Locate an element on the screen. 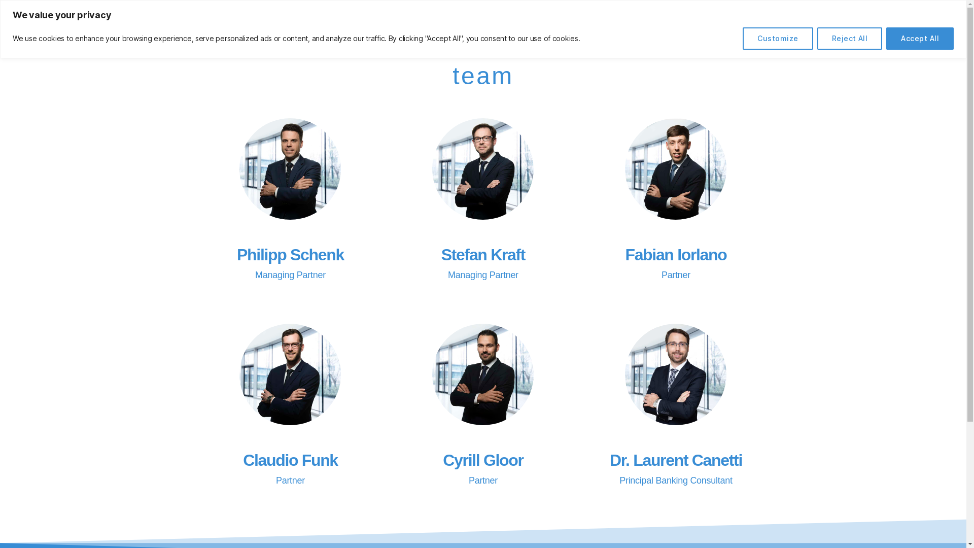  'Deutsch' is located at coordinates (928, 24).